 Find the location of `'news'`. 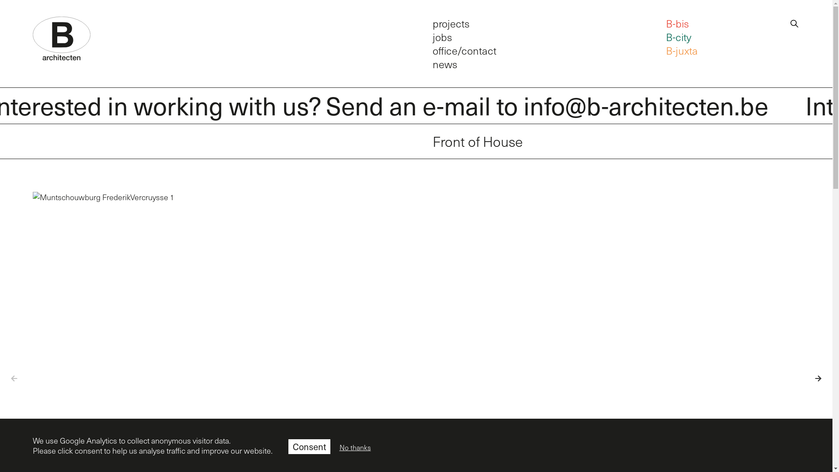

'news' is located at coordinates (445, 63).